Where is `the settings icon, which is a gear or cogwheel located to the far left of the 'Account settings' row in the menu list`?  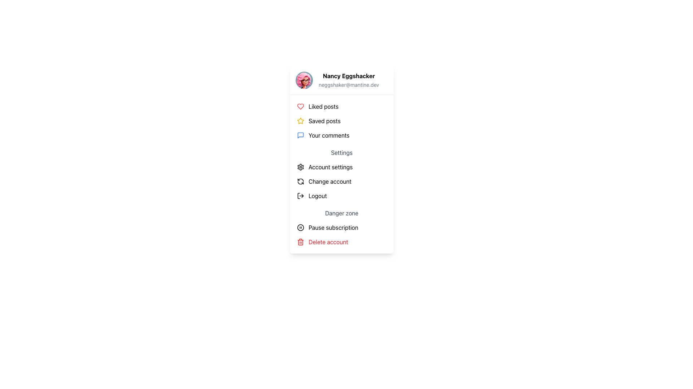
the settings icon, which is a gear or cogwheel located to the far left of the 'Account settings' row in the menu list is located at coordinates (301, 167).